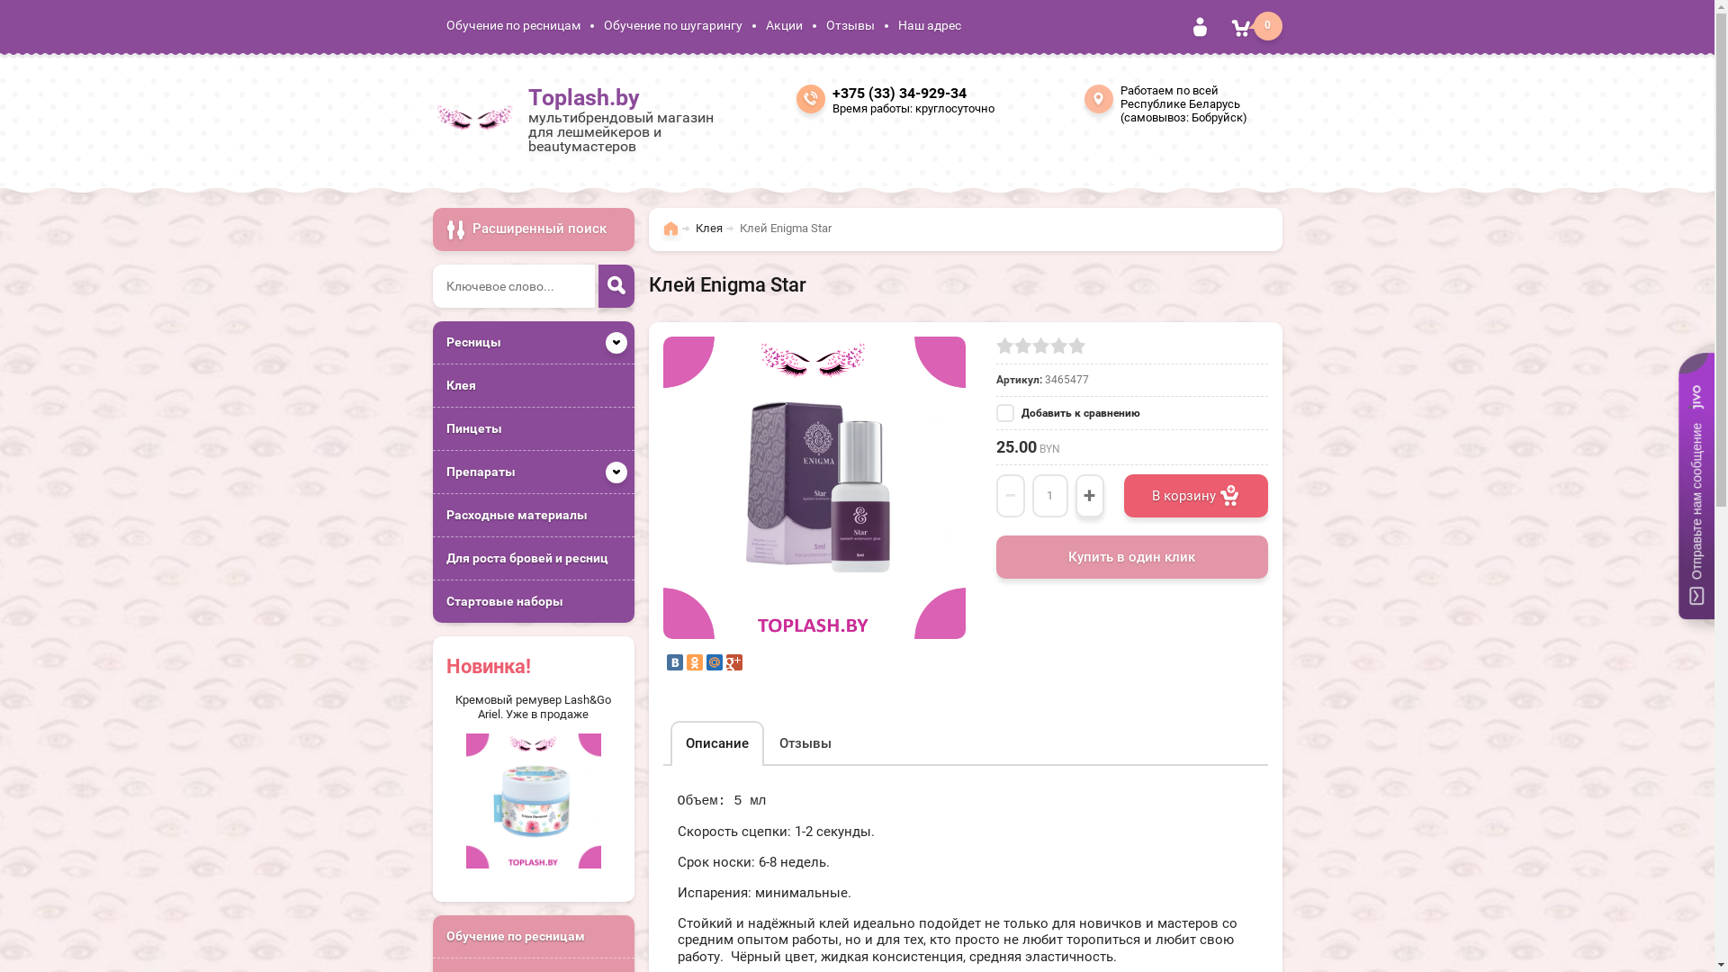 Image resolution: width=1728 pixels, height=972 pixels. What do you see at coordinates (1087, 495) in the screenshot?
I see `'+'` at bounding box center [1087, 495].